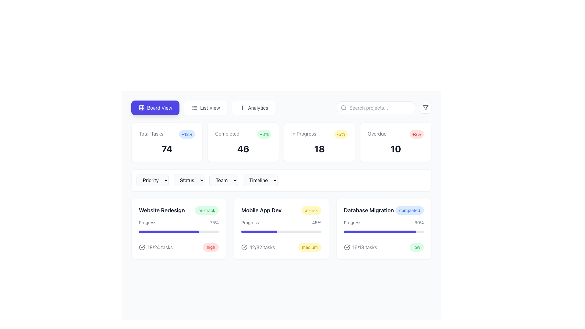 This screenshot has width=585, height=329. Describe the element at coordinates (259, 232) in the screenshot. I see `the progress value of the progress indicator within the 'Mobile App Dev' task card, which currently shows 45% completion` at that location.